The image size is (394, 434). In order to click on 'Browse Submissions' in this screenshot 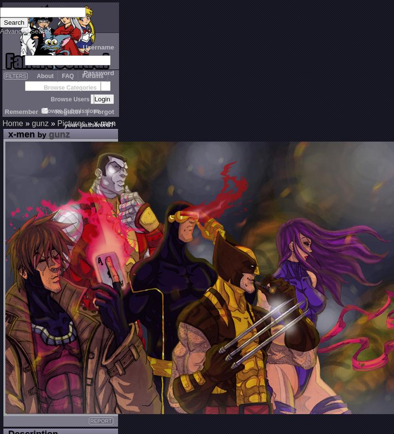, I will do `click(70, 111)`.